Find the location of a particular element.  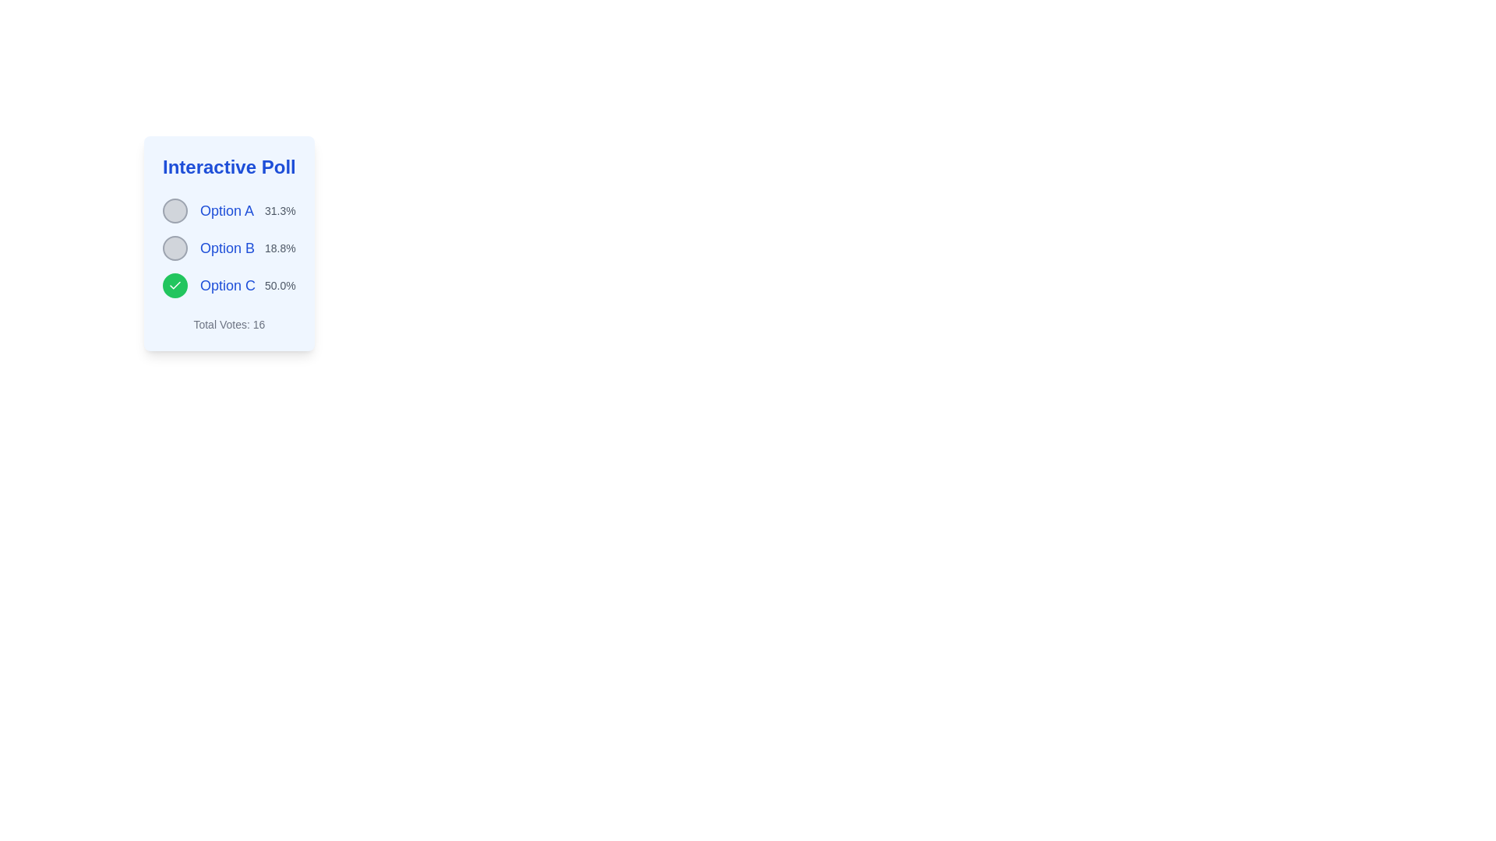

the circular radio button for 'Option A', which has a light gray background and is located to the left of the label text 'Option A' is located at coordinates (207, 210).